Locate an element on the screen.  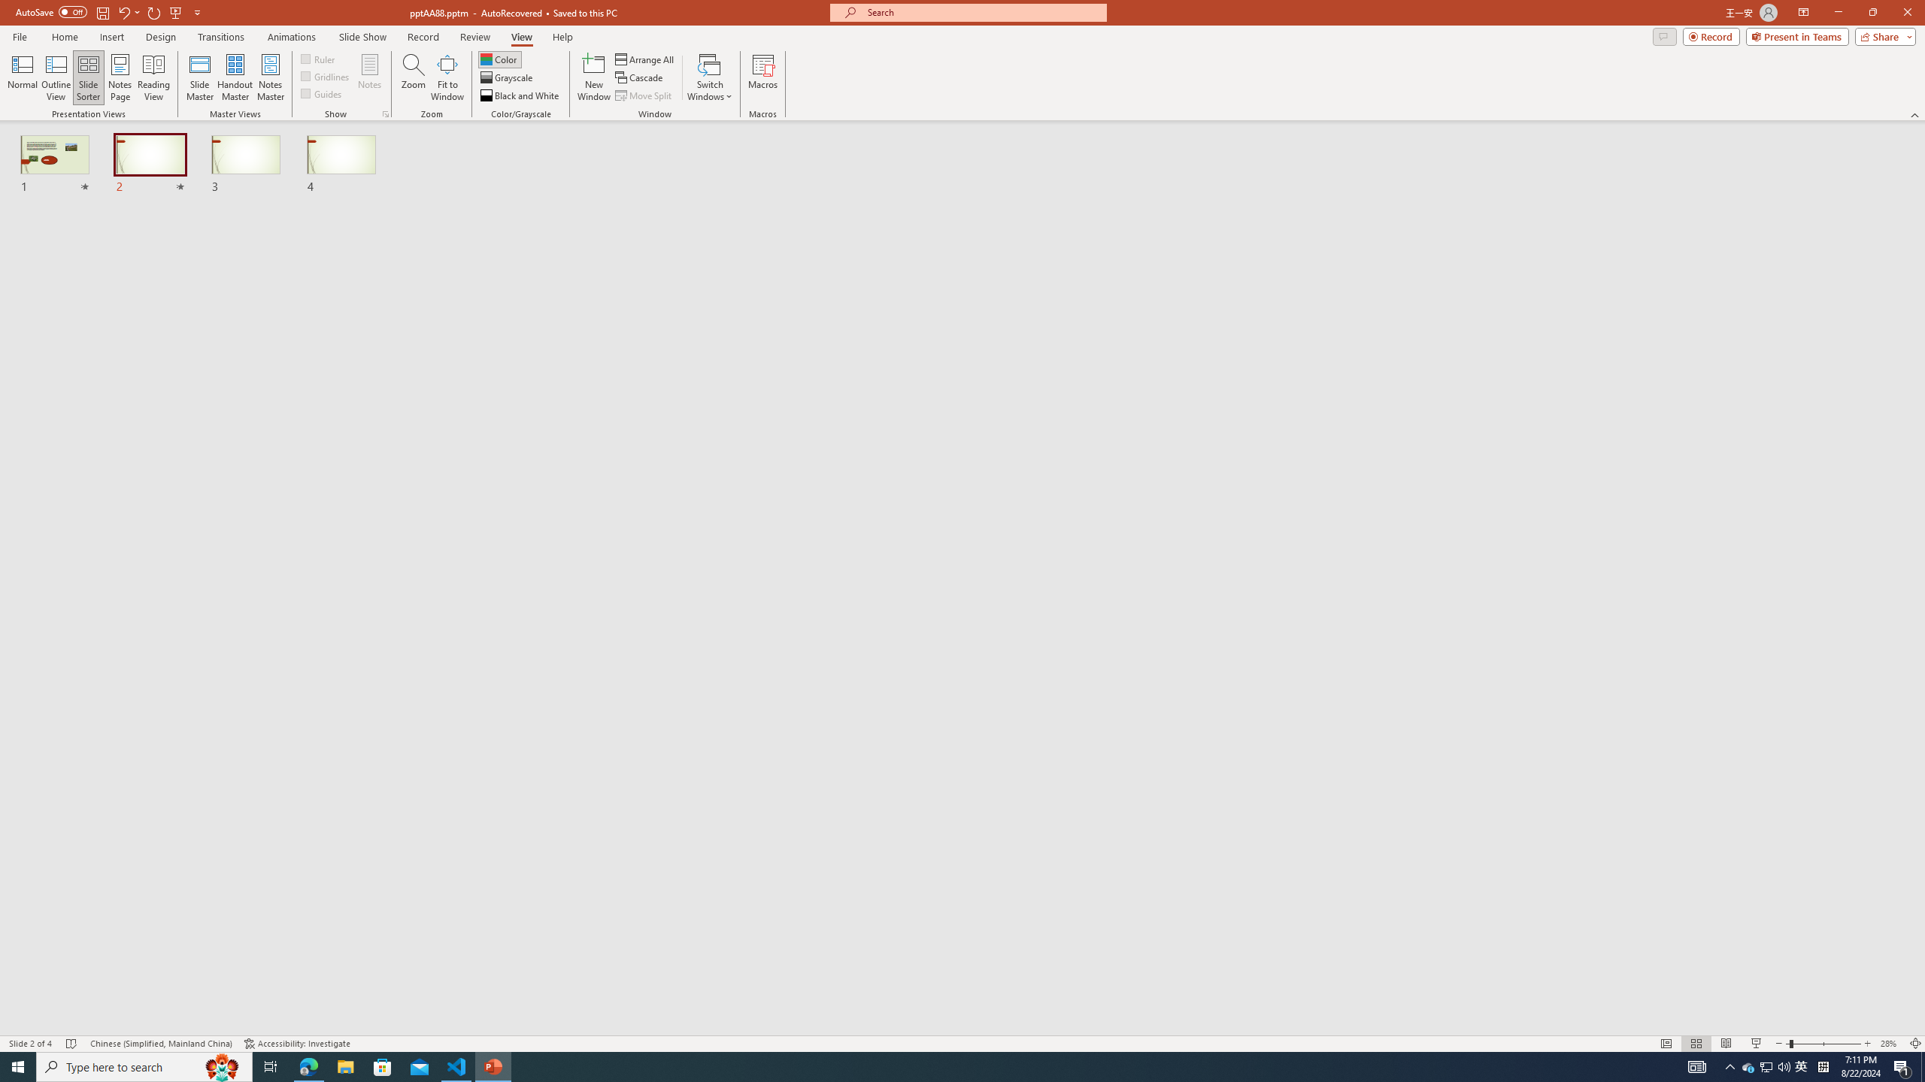
'Move Split' is located at coordinates (644, 95).